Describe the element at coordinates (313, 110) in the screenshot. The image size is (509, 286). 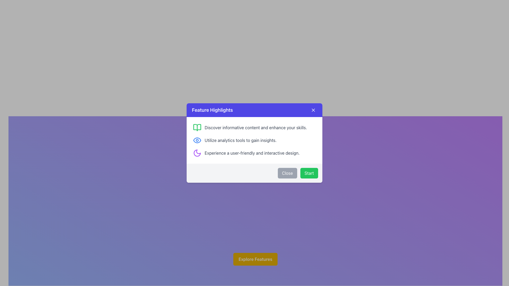
I see `the close button located at the top-right corner of the blue header bar labeled 'Feature Highlights'` at that location.